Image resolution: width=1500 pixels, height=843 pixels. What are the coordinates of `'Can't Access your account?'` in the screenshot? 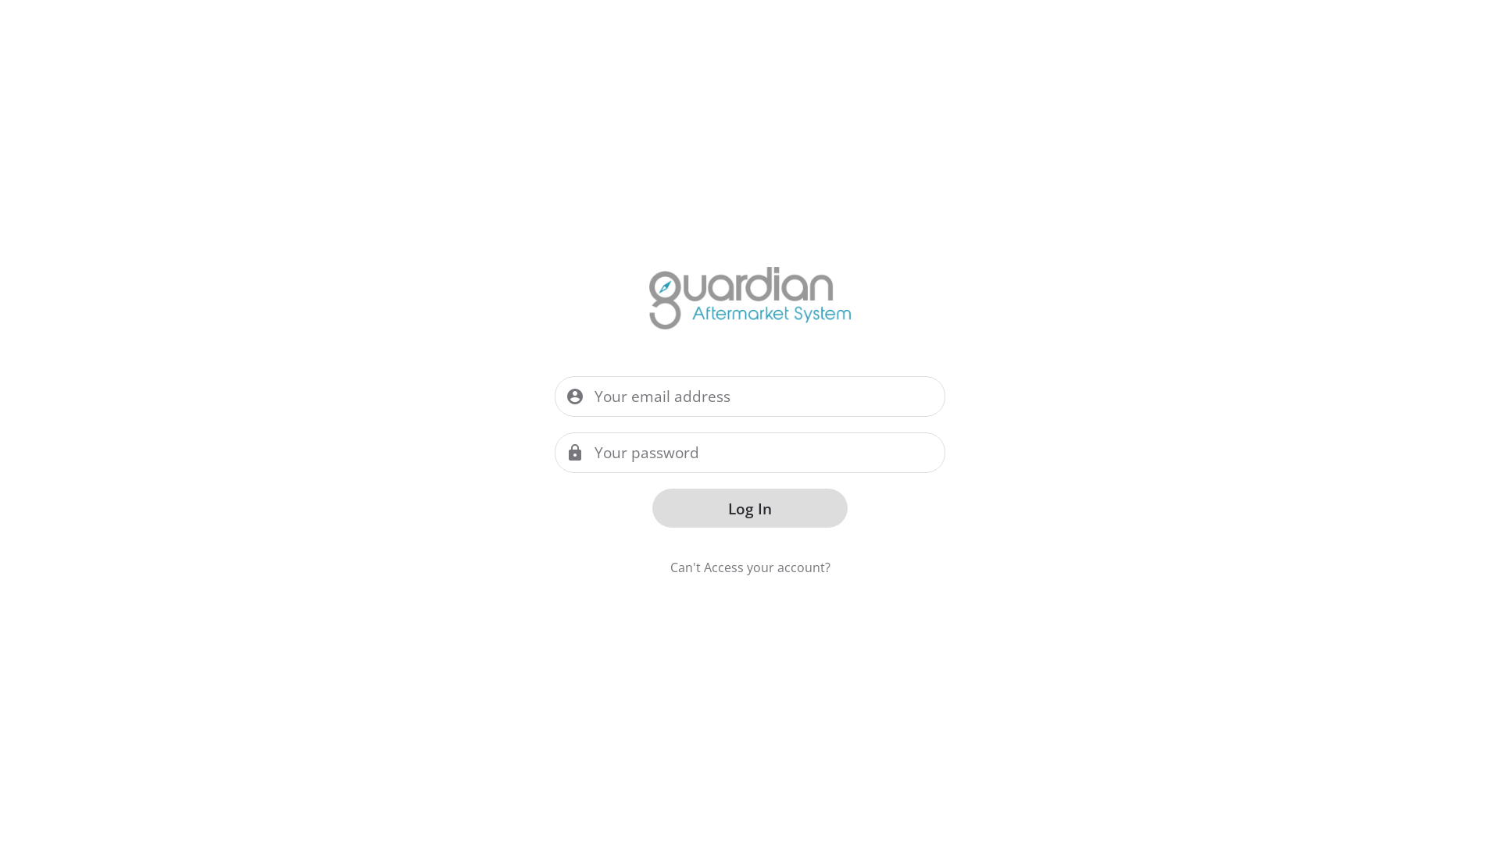 It's located at (750, 567).